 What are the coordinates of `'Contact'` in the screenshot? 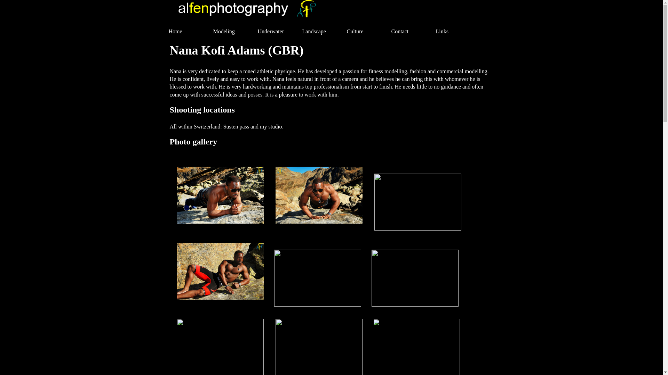 It's located at (409, 32).